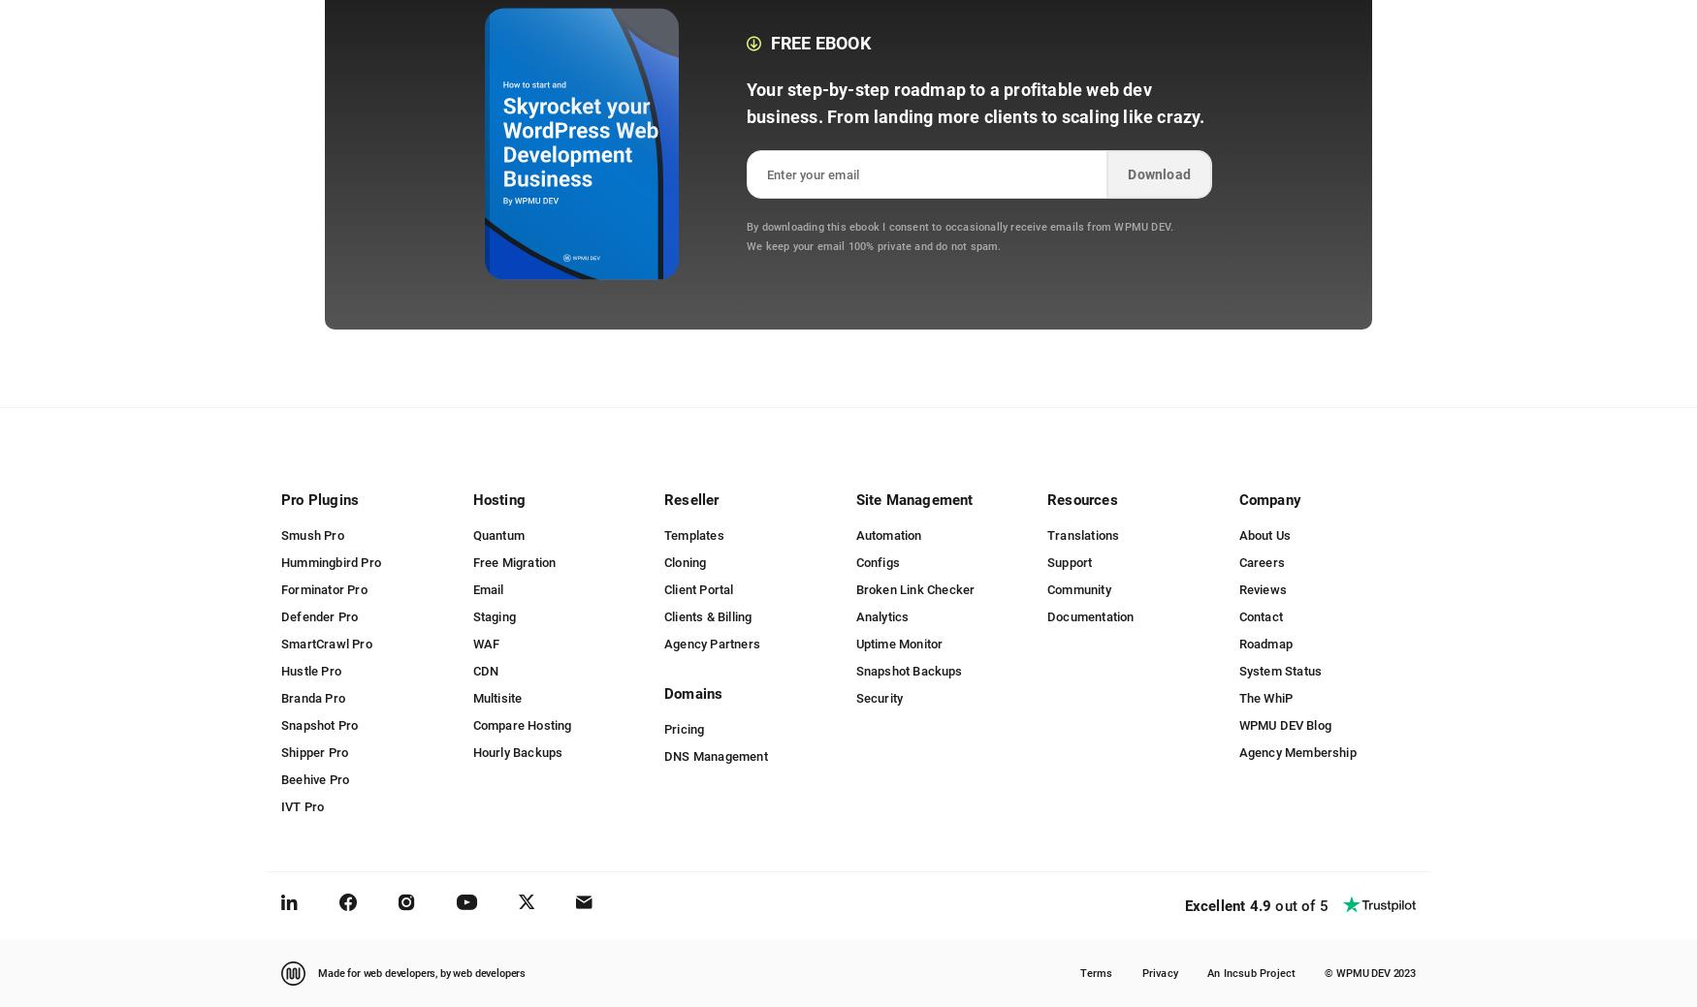  What do you see at coordinates (313, 696) in the screenshot?
I see `'Branda Pro'` at bounding box center [313, 696].